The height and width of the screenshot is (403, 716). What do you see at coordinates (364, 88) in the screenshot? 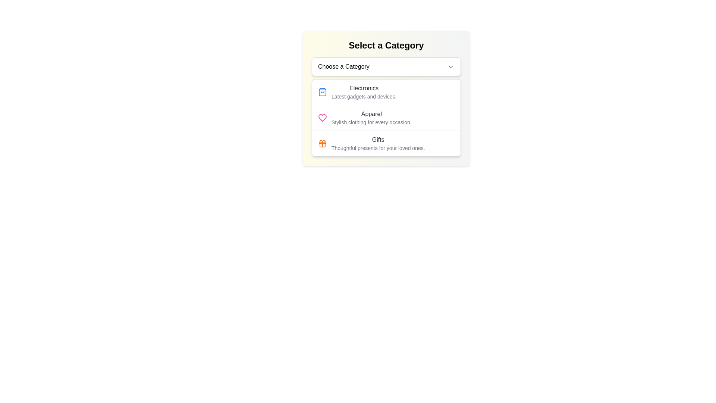
I see `the 'Electronics' category title text label for accessibility navigation` at bounding box center [364, 88].